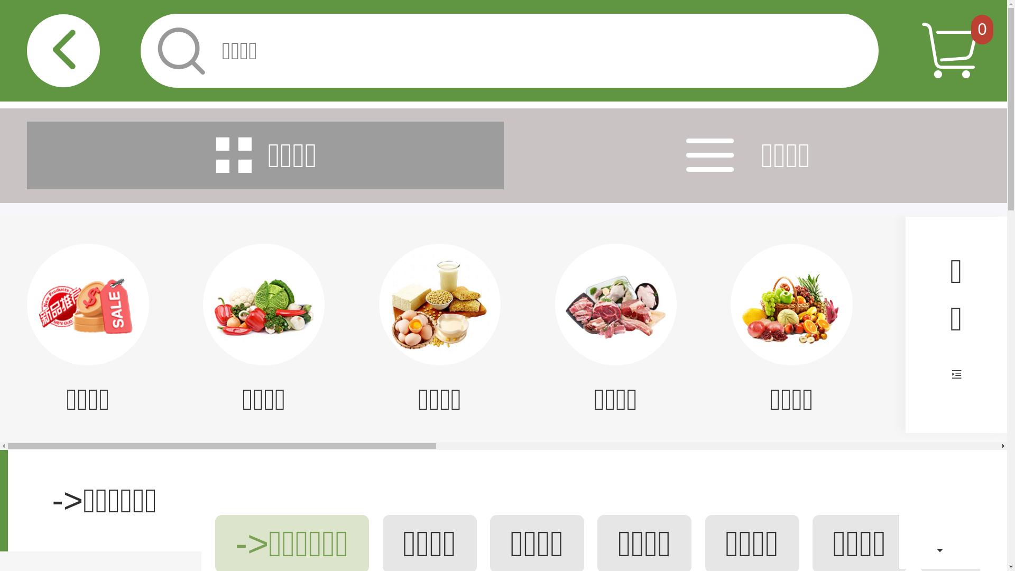 Image resolution: width=1015 pixels, height=571 pixels. I want to click on '0', so click(982, 29).